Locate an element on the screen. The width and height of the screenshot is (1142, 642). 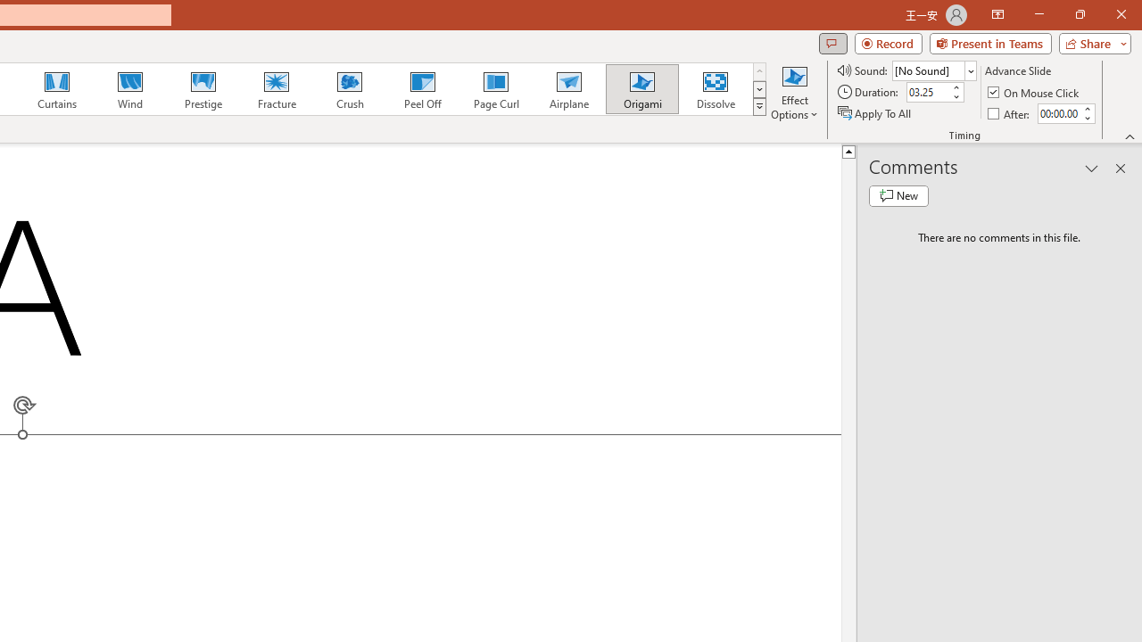
'Origami' is located at coordinates (642, 89).